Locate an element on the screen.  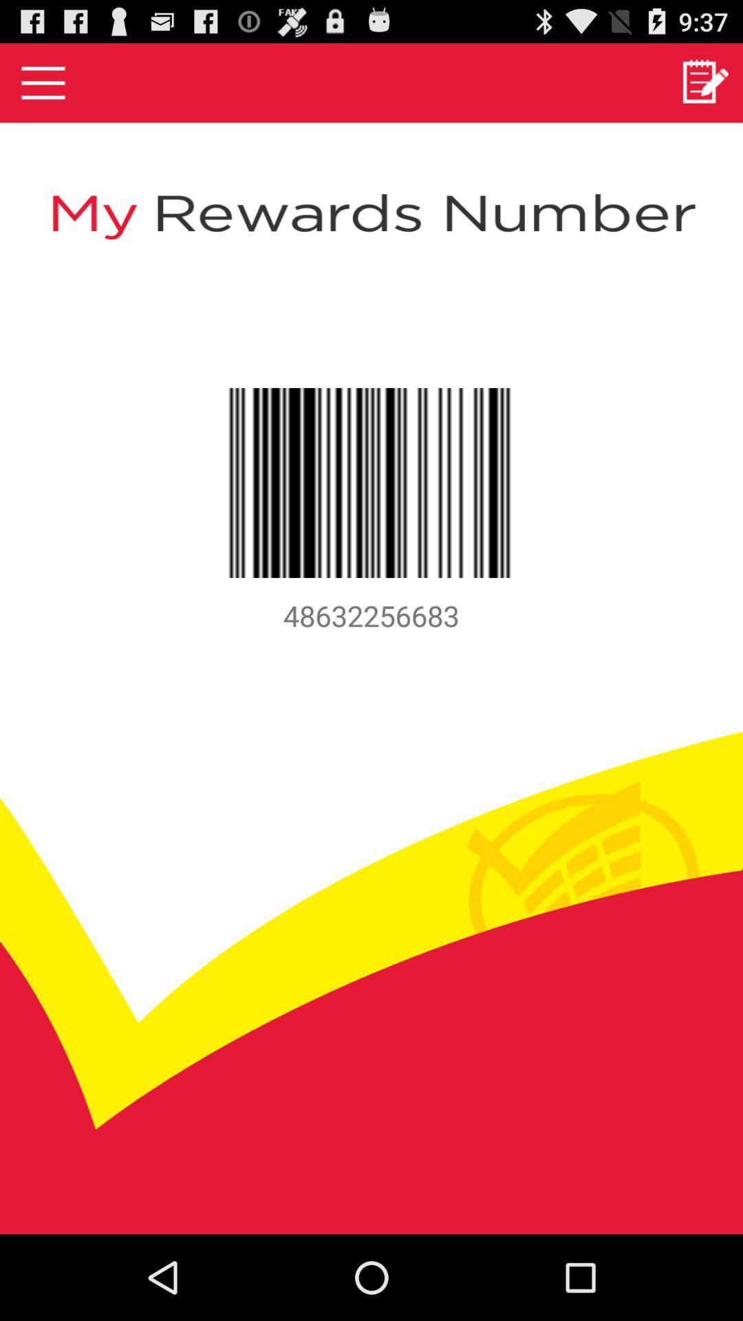
the edit icon is located at coordinates (704, 86).